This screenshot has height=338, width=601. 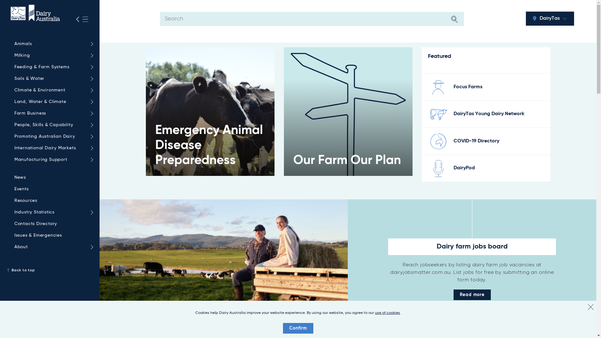 What do you see at coordinates (590, 306) in the screenshot?
I see `'X'` at bounding box center [590, 306].